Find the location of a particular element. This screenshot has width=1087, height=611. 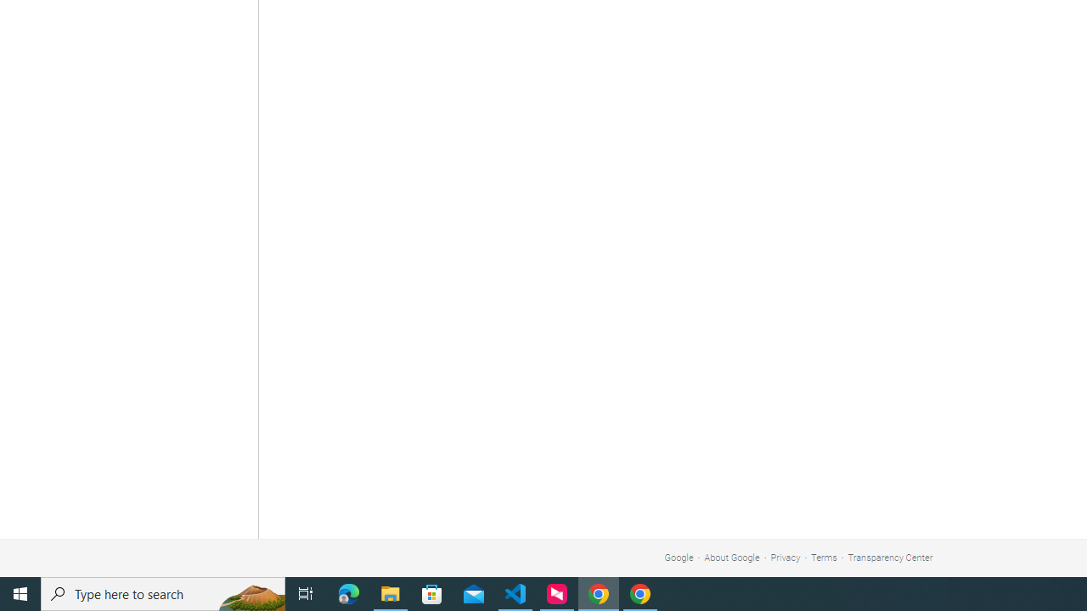

'About Google' is located at coordinates (732, 558).